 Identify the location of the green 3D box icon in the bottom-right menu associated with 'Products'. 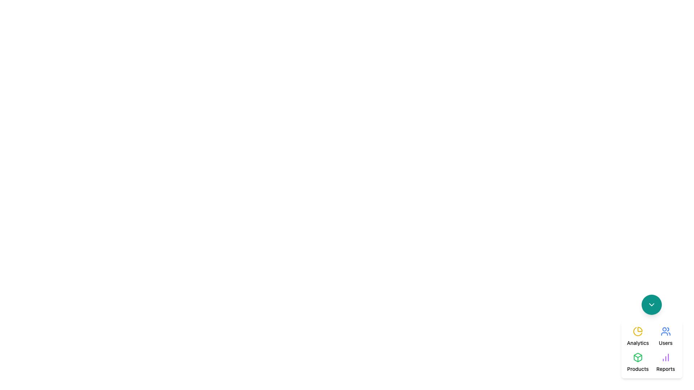
(638, 357).